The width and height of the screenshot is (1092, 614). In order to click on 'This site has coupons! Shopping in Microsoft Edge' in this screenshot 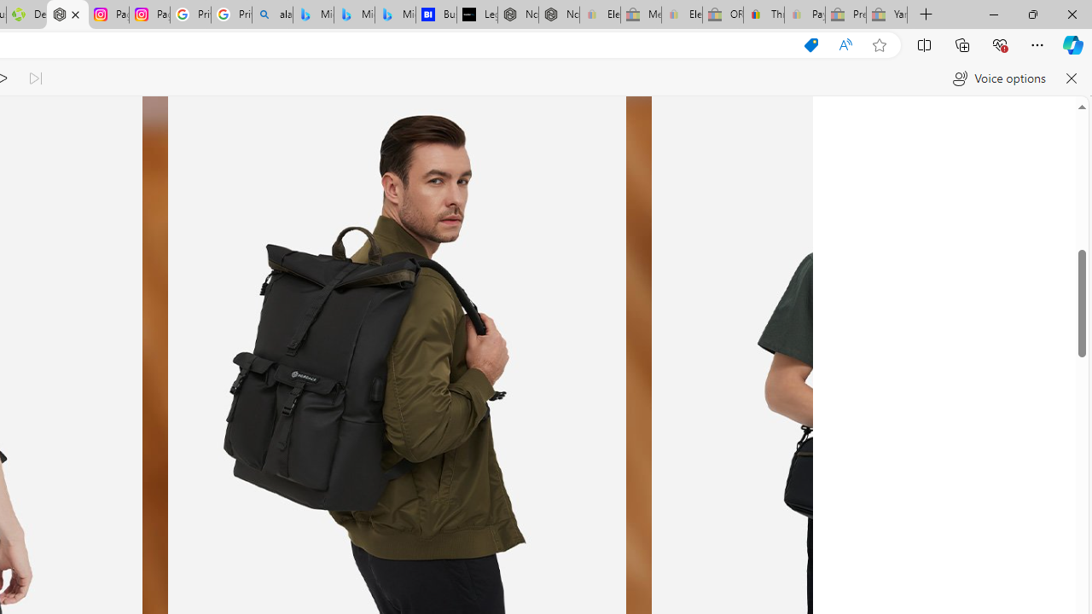, I will do `click(810, 44)`.